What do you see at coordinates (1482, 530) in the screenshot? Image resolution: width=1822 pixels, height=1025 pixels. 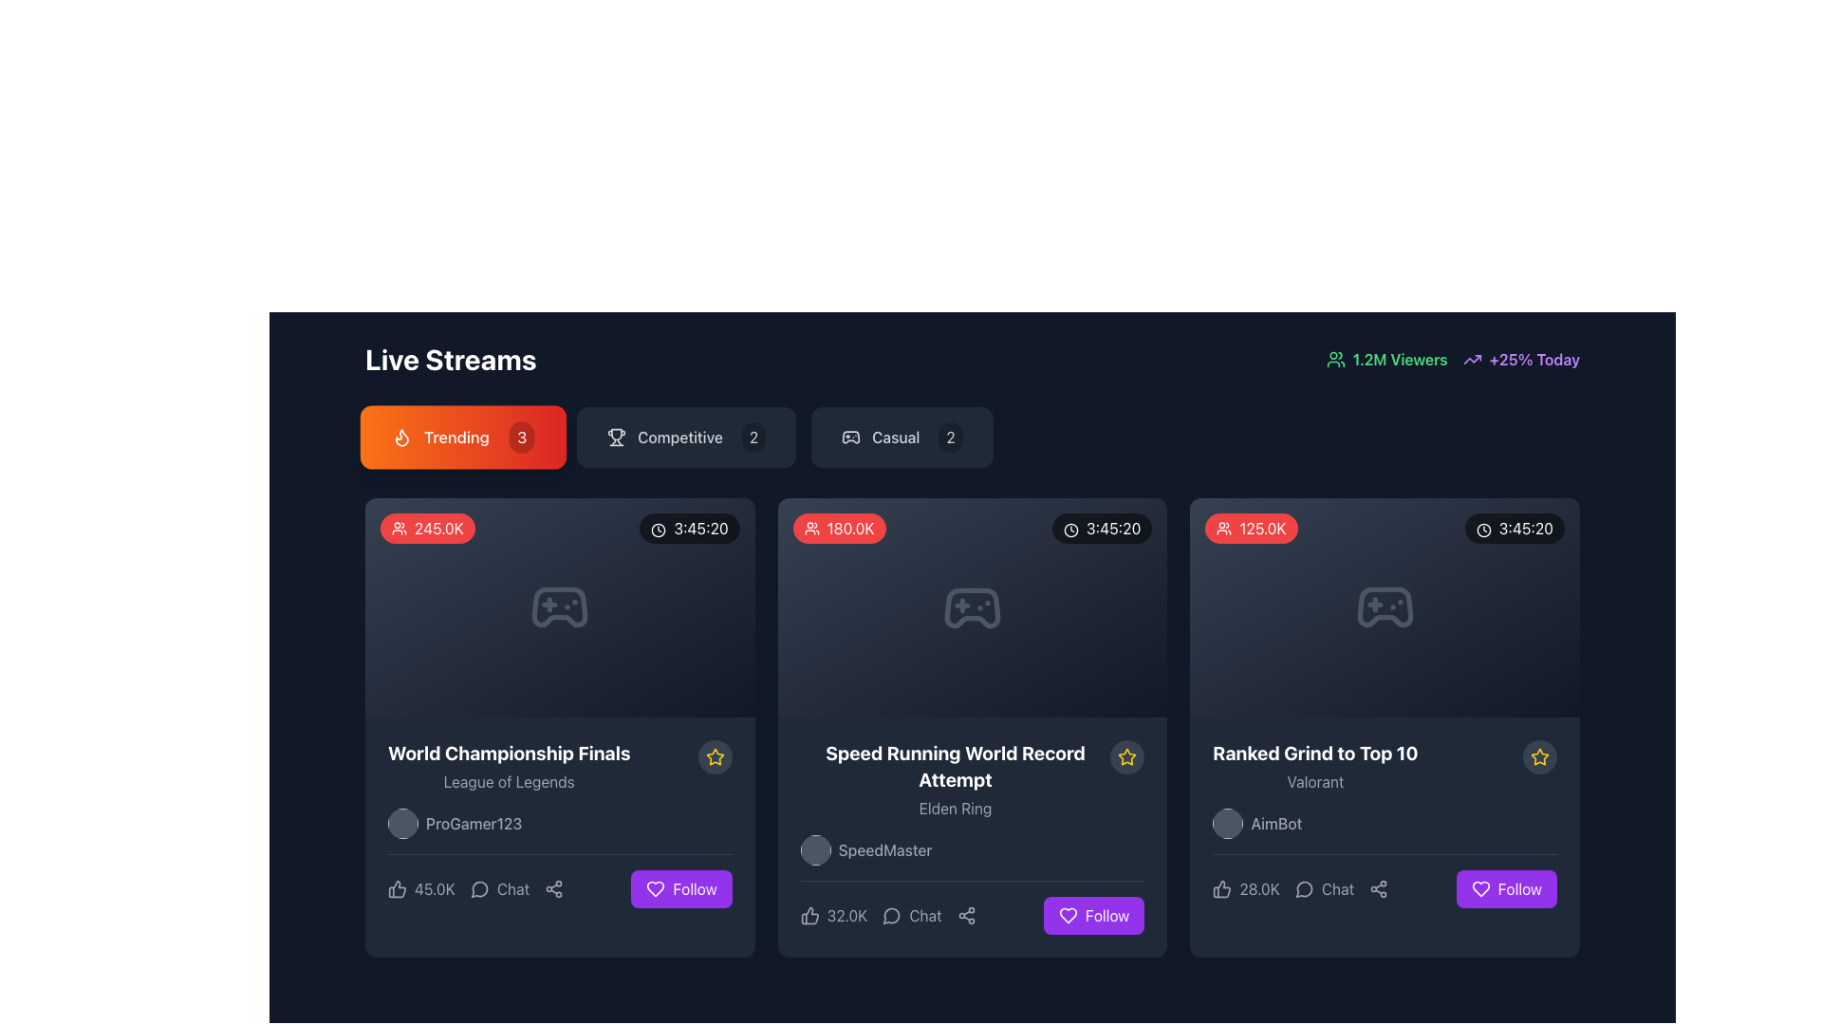 I see `the clock icon located in the top-right corner of the 'Ranked Grind to Top 10' card, which is a circular icon with a black-filled center and a white outline` at bounding box center [1482, 530].